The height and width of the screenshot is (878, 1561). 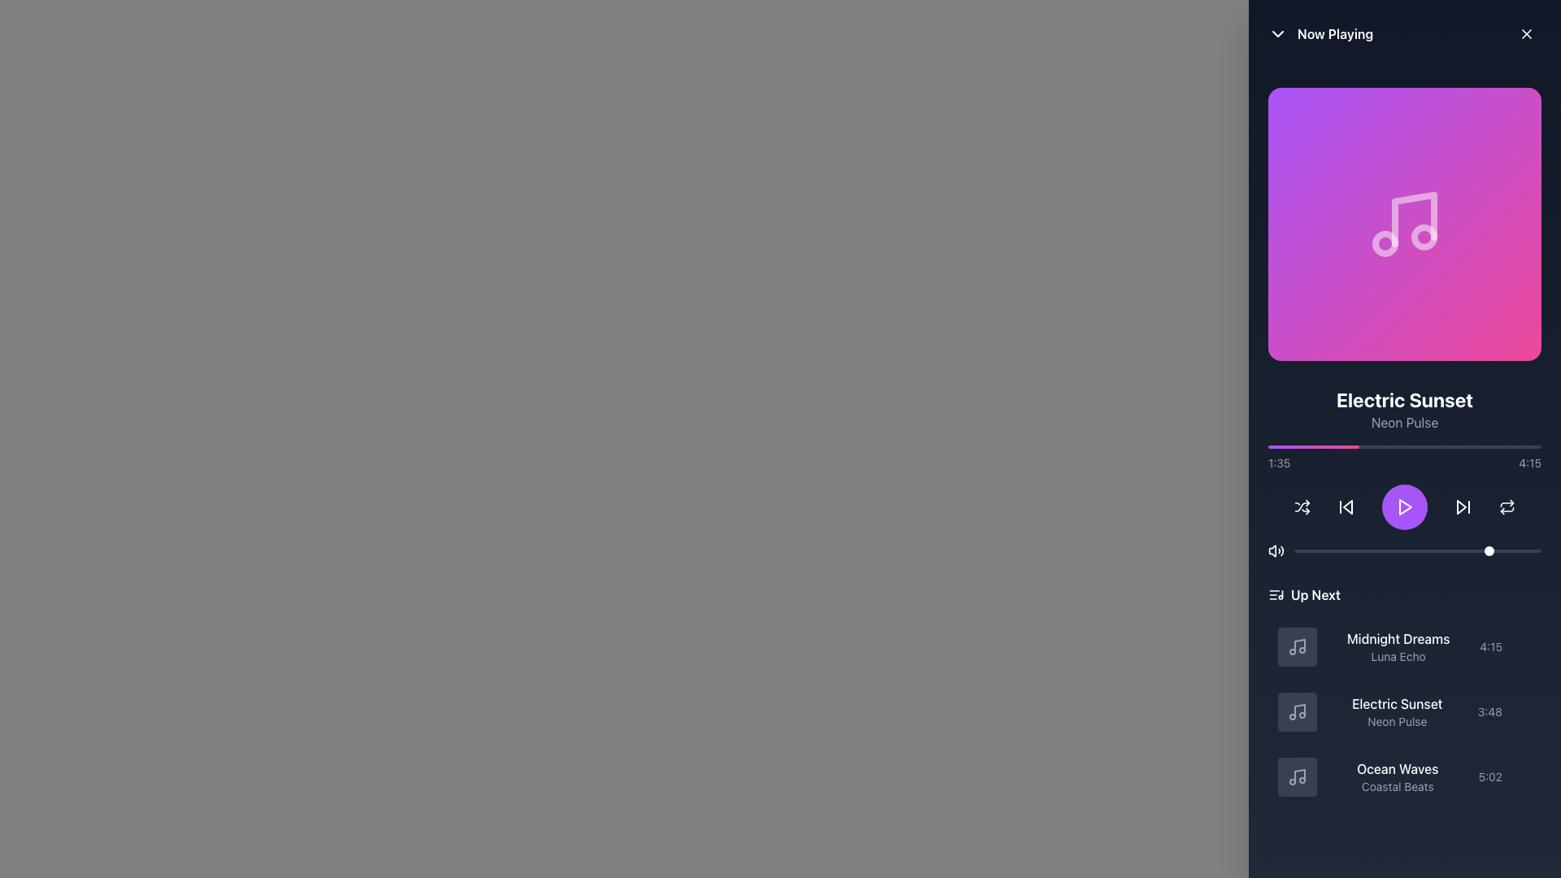 What do you see at coordinates (1525, 34) in the screenshot?
I see `the small circular button with an 'X' icon located at the top-right corner of the 'Now Playing' bar` at bounding box center [1525, 34].